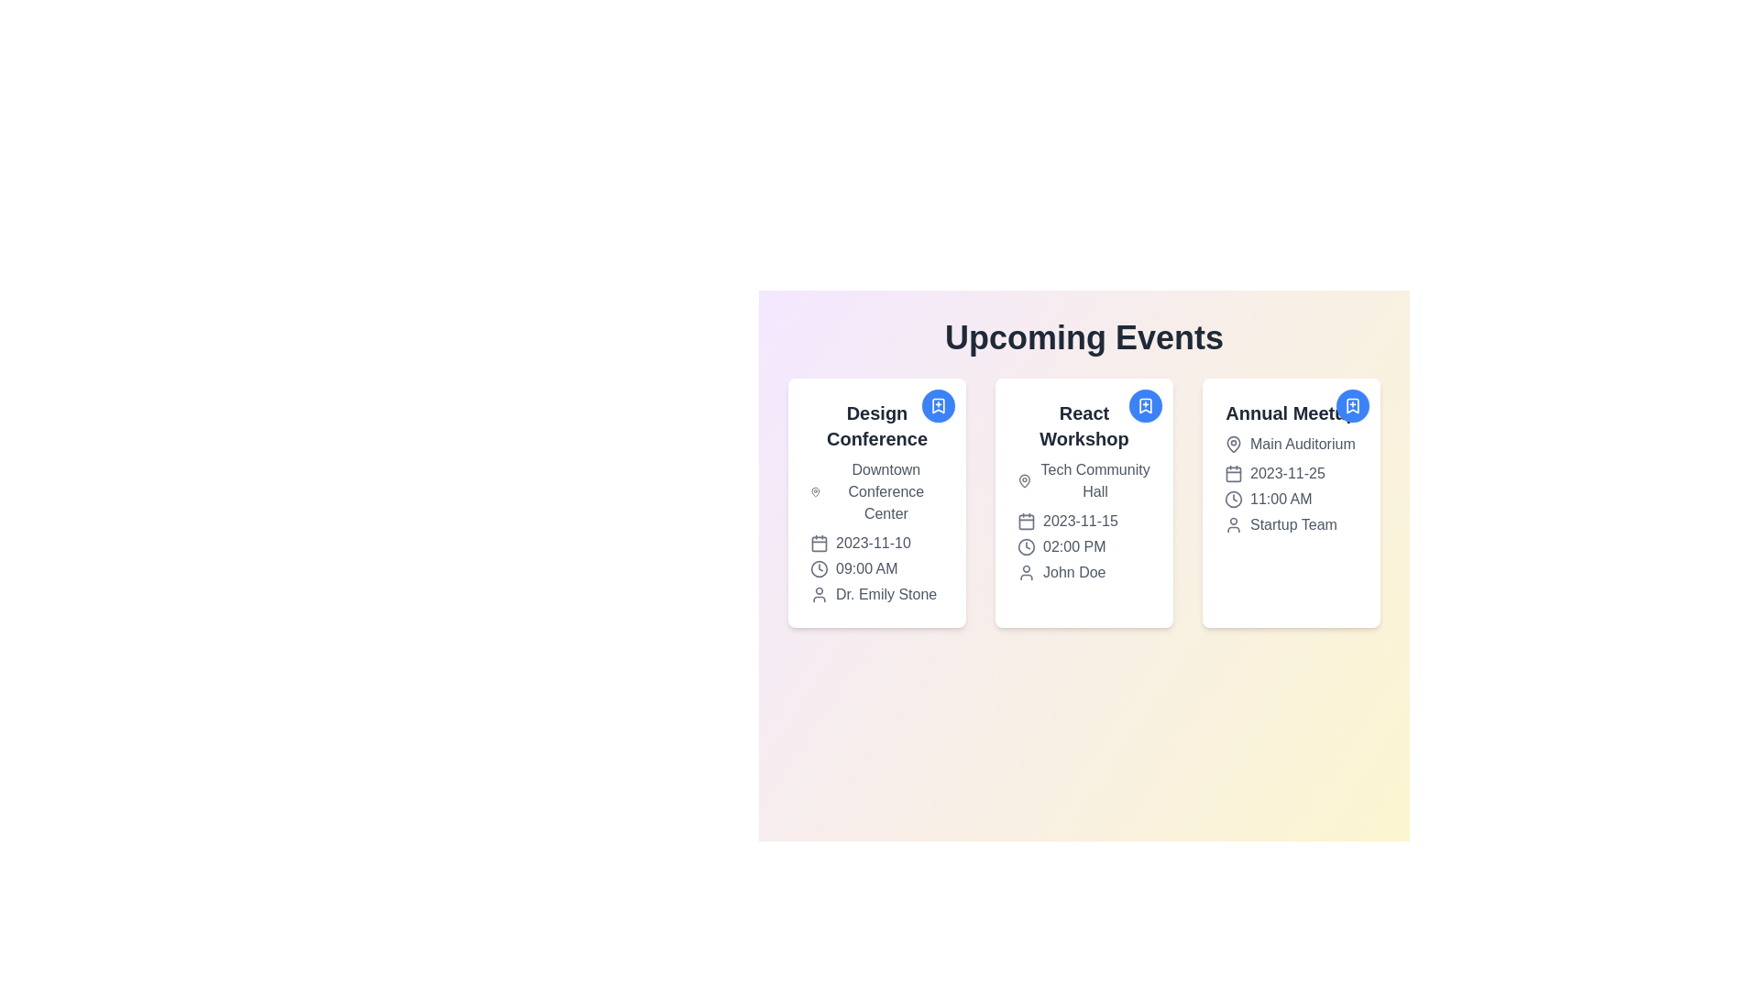 The height and width of the screenshot is (990, 1760). Describe the element at coordinates (1291, 525) in the screenshot. I see `text labeled 'Startup Team' located in the lower part of the 'Annual Meetup' card, just below the event time '11:00 AM'` at that location.